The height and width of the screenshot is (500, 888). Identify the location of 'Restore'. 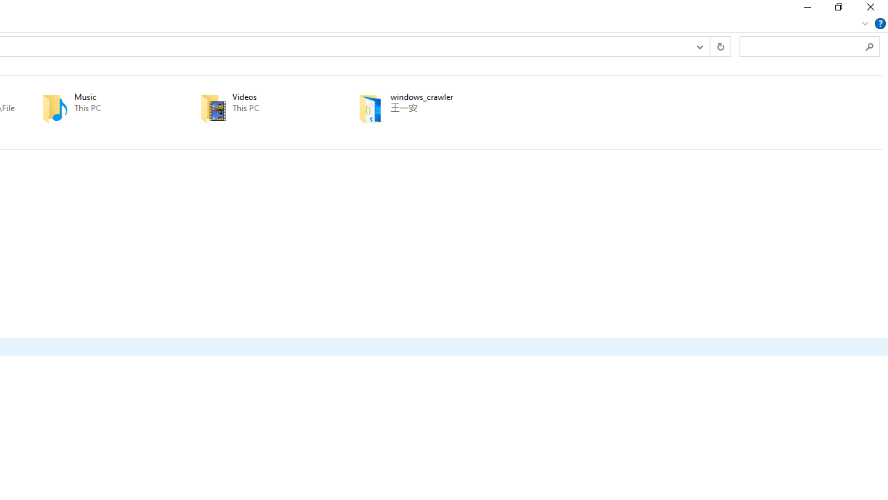
(837, 10).